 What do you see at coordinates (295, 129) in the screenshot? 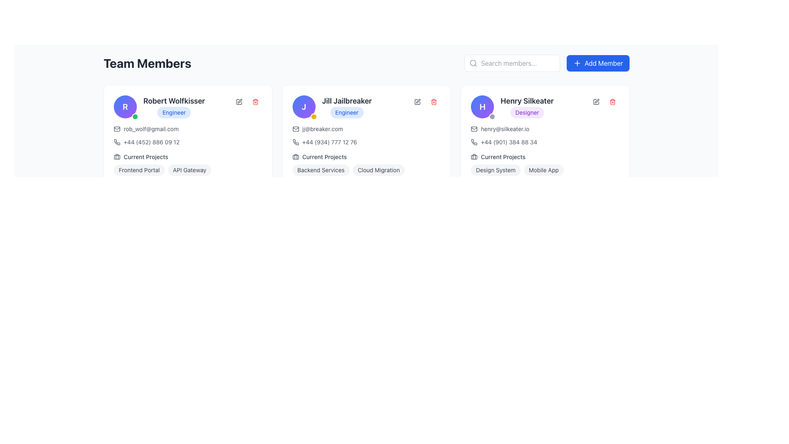
I see `the rectangular envelope icon located within the user details card, positioned just before the email address label` at bounding box center [295, 129].